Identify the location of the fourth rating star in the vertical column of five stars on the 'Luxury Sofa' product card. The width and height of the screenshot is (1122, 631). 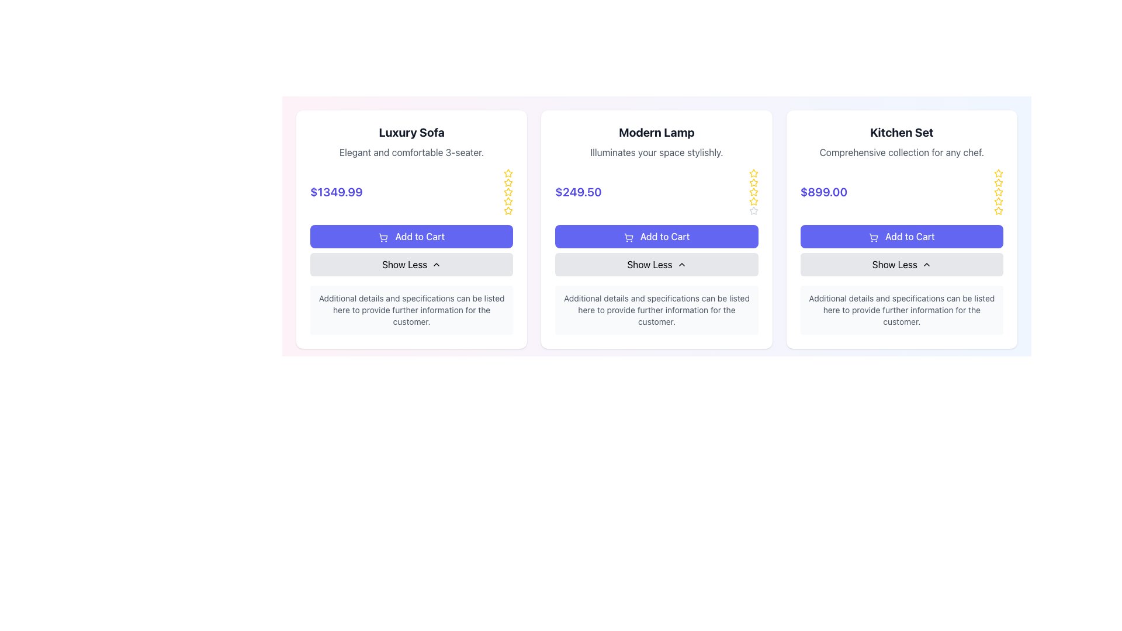
(508, 191).